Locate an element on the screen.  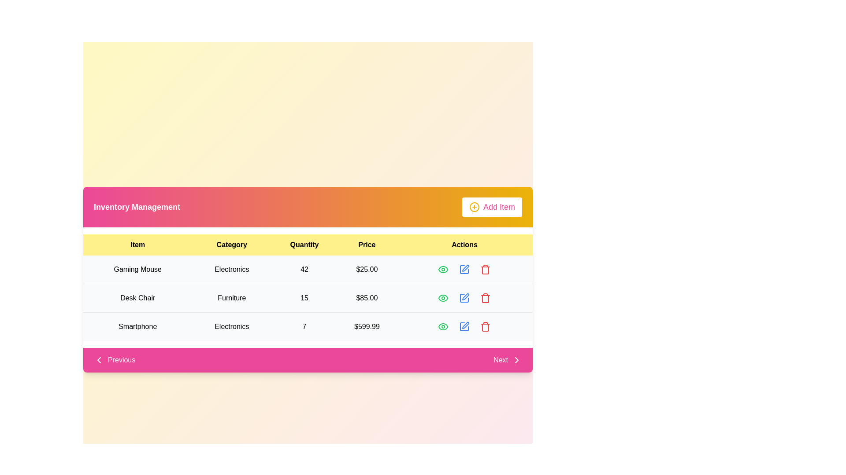
the blue pen icon in the Action Button Group located in the 'Actions' column of the 'Gaming Mouse' item row is located at coordinates (464, 269).